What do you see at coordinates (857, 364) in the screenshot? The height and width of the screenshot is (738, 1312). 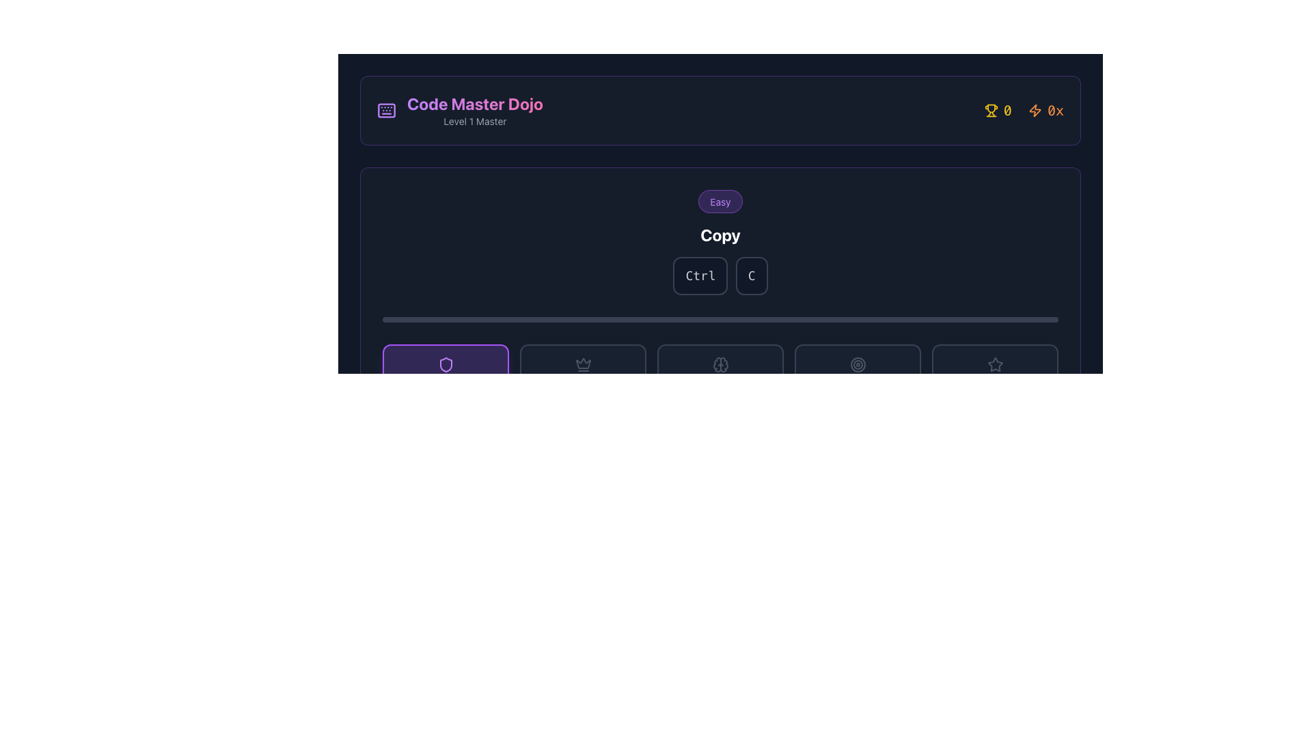 I see `the center of the icon within the button or box component` at bounding box center [857, 364].